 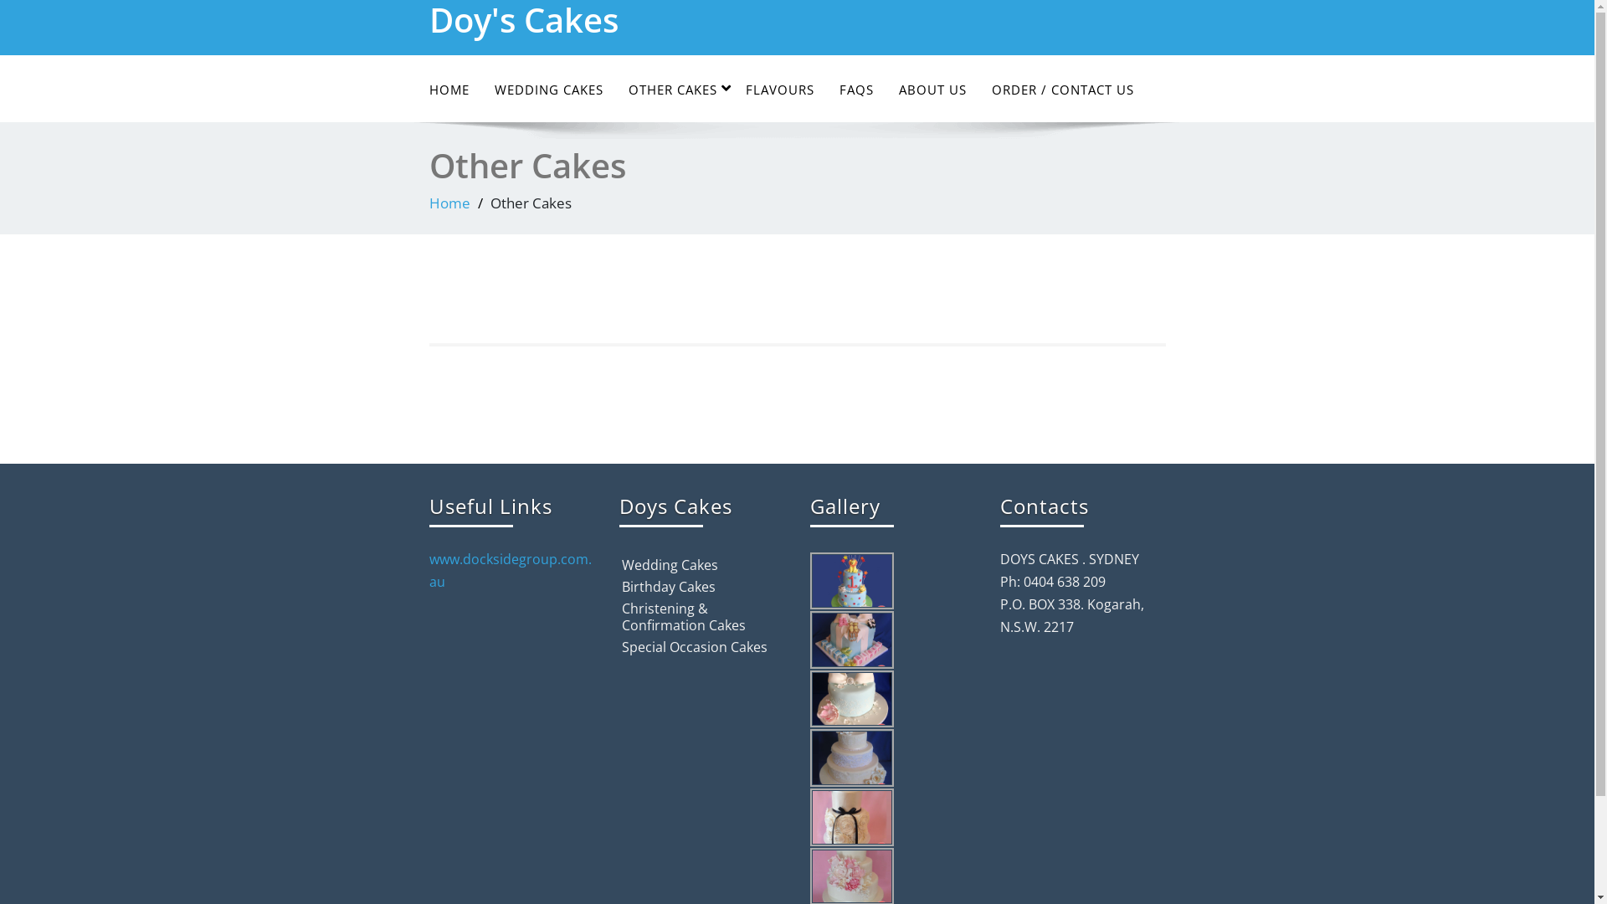 What do you see at coordinates (884, 90) in the screenshot?
I see `'ABOUT US'` at bounding box center [884, 90].